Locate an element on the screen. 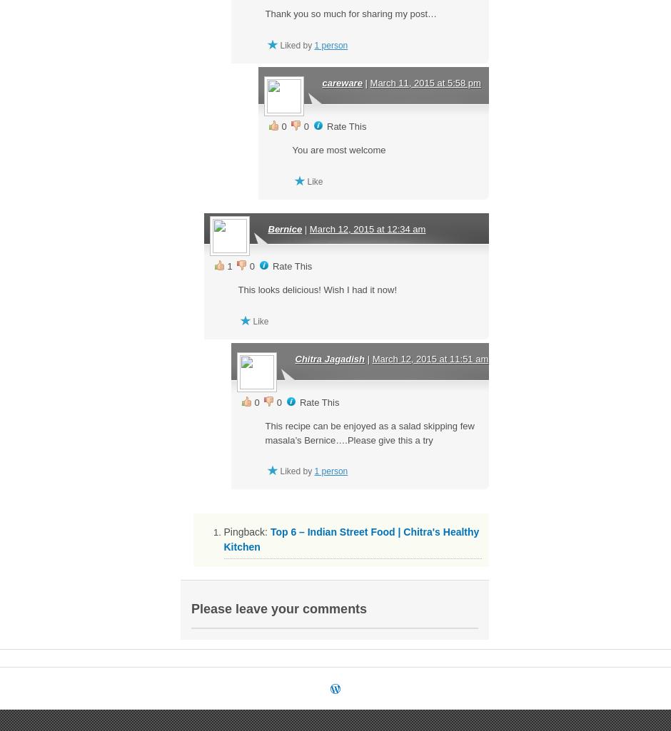  'Thank you so much for sharing my post…' is located at coordinates (350, 14).